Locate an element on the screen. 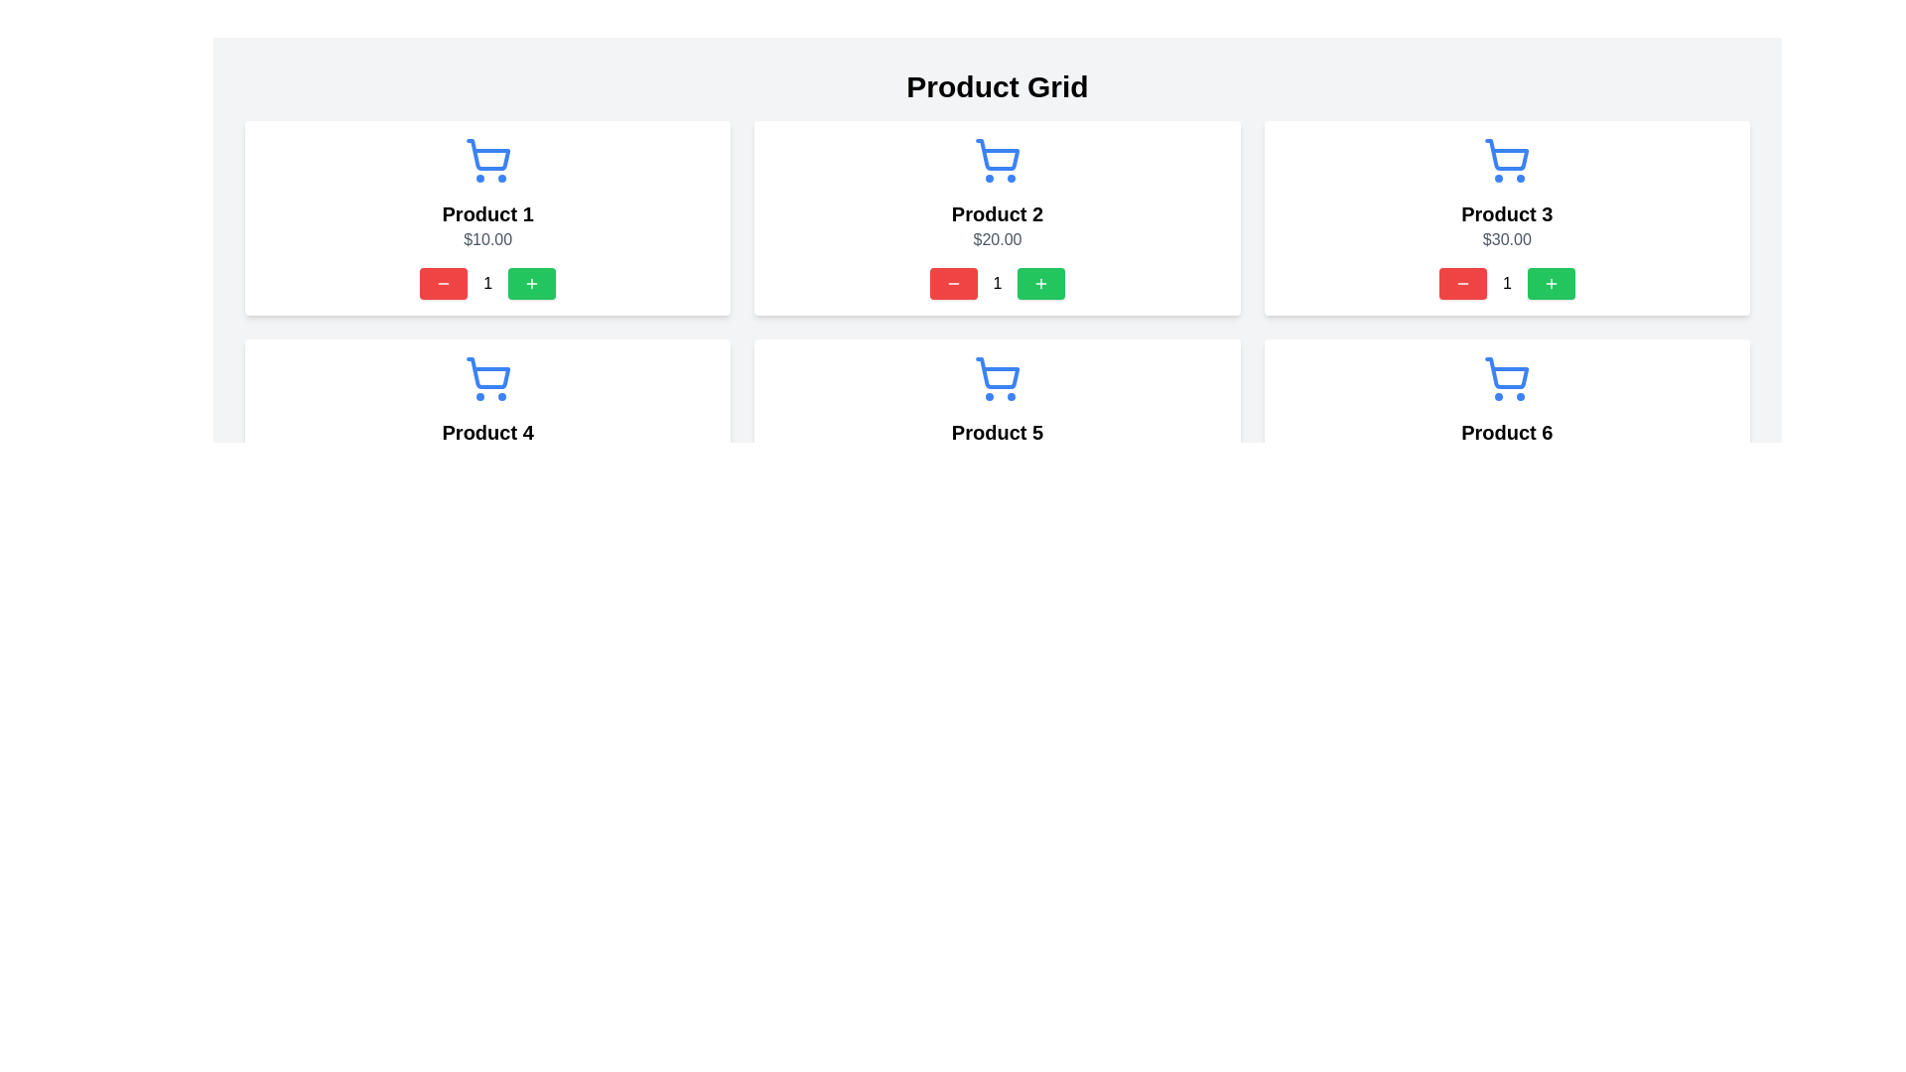 This screenshot has width=1906, height=1072. the quantity label that displays the current product quantity, located between the minus button on the left and the plus button on the right in the product control area is located at coordinates (487, 283).